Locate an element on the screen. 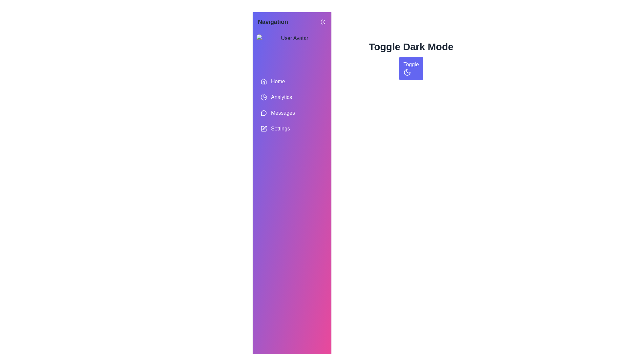  the Messages navigation item in the sidebar is located at coordinates (291, 112).